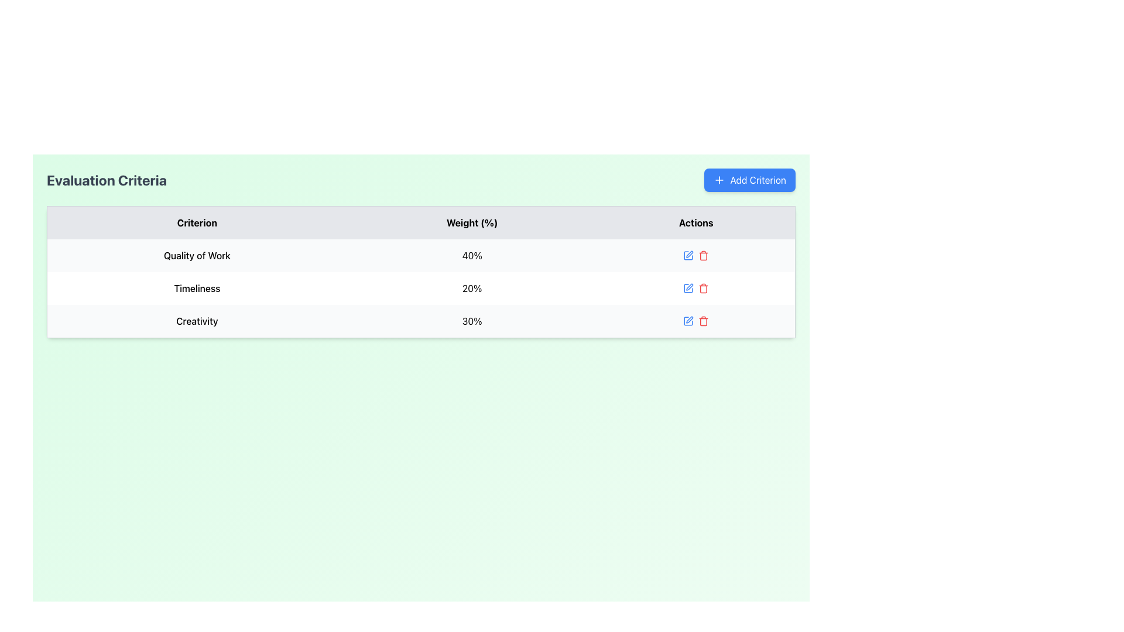  Describe the element at coordinates (107, 180) in the screenshot. I see `the bold, large-sized static text label reading 'Evaluation Criteria' styled in dark gray, positioned at the top-left of the interface` at that location.